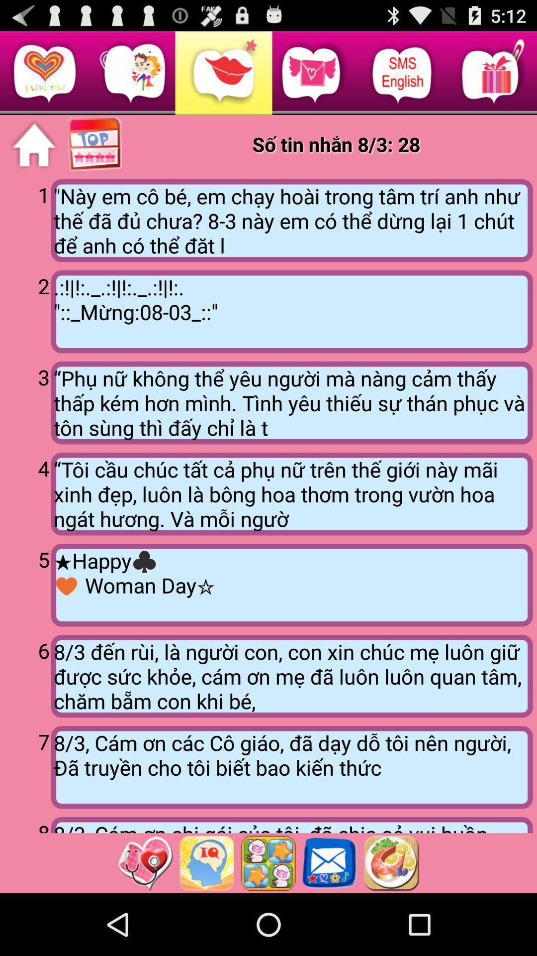 The width and height of the screenshot is (537, 956). I want to click on advertisent page, so click(206, 862).